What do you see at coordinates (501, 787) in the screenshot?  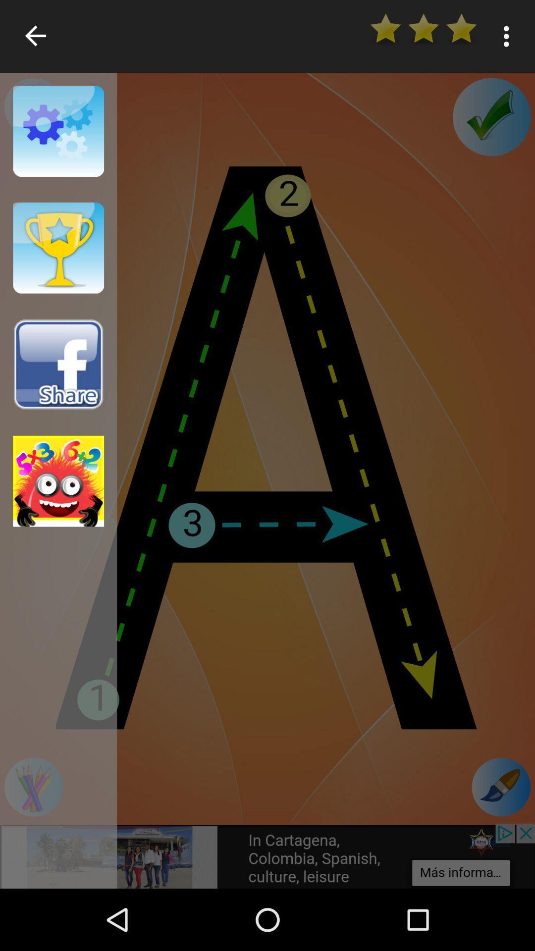 I see `the edit icon` at bounding box center [501, 787].